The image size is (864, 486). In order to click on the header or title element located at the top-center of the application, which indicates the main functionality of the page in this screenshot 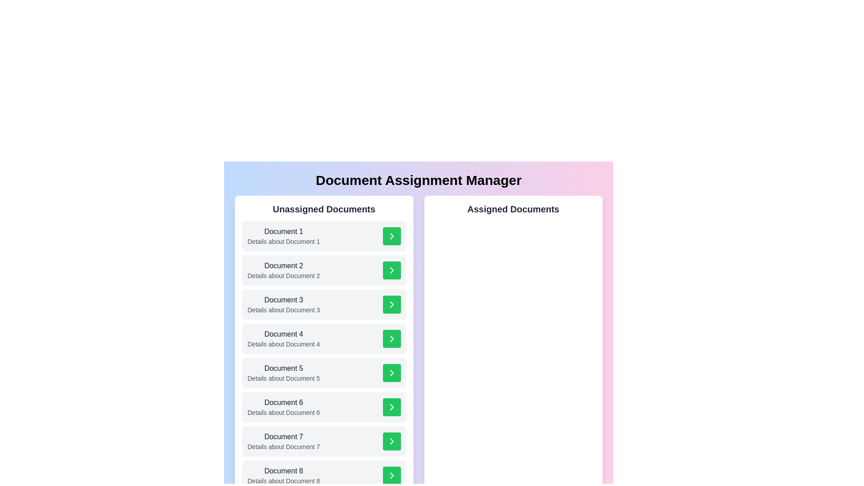, I will do `click(418, 180)`.